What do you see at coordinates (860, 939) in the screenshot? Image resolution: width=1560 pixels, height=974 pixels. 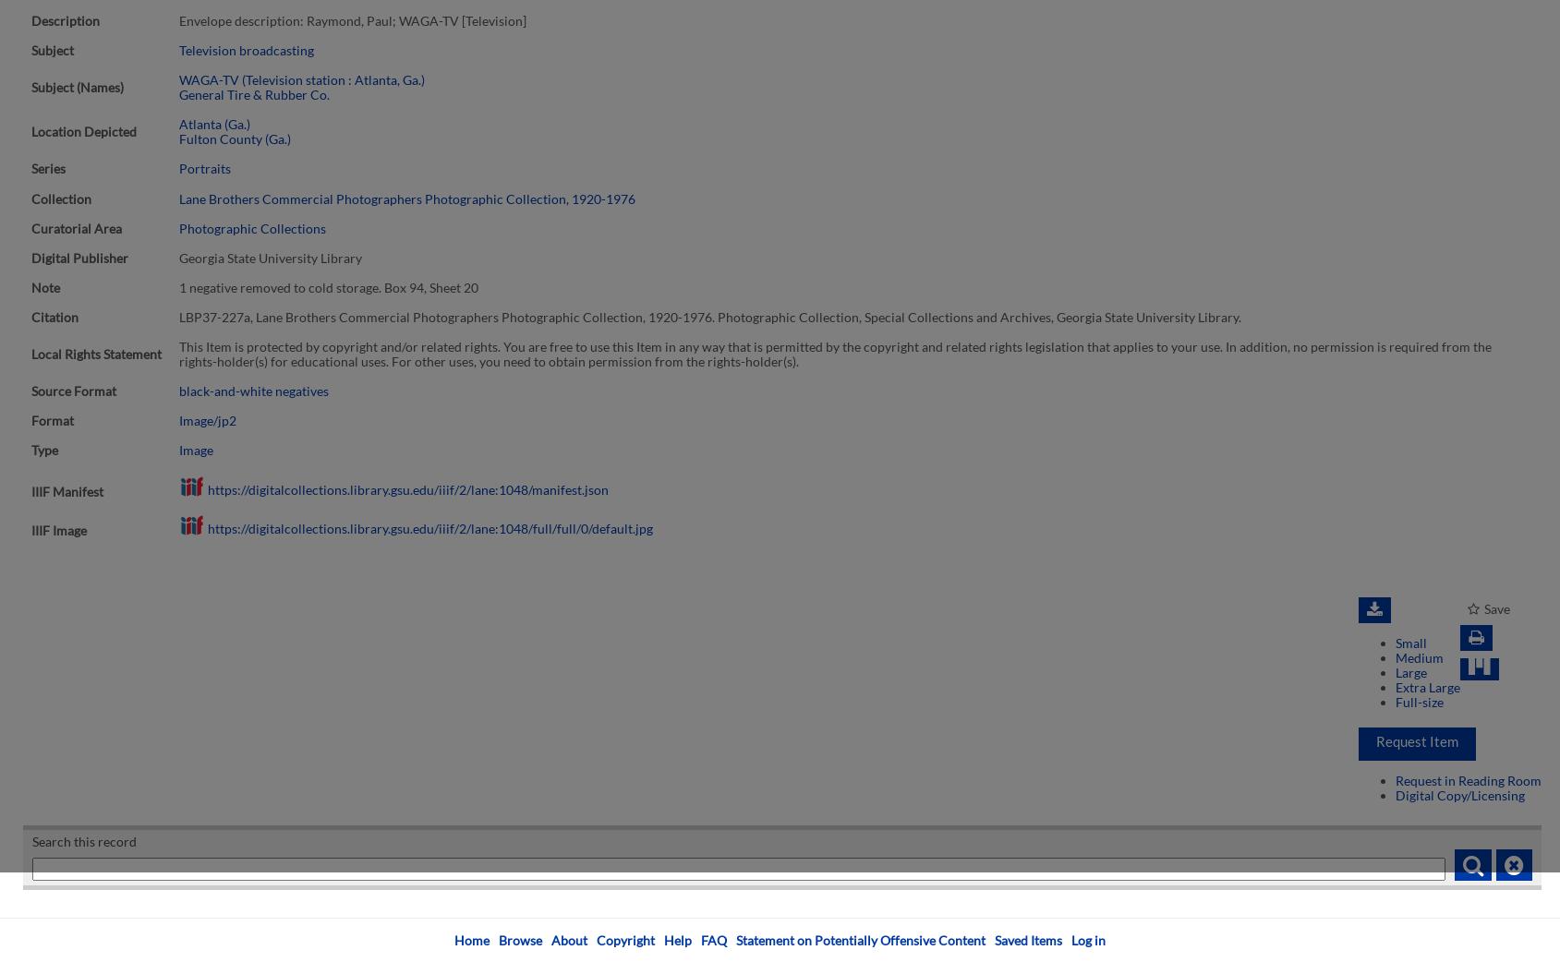 I see `'Statement on Potentially Offensive Content'` at bounding box center [860, 939].